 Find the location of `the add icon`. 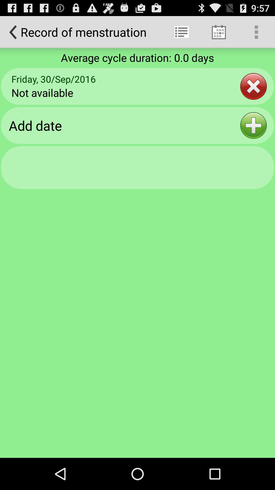

the add icon is located at coordinates (253, 134).